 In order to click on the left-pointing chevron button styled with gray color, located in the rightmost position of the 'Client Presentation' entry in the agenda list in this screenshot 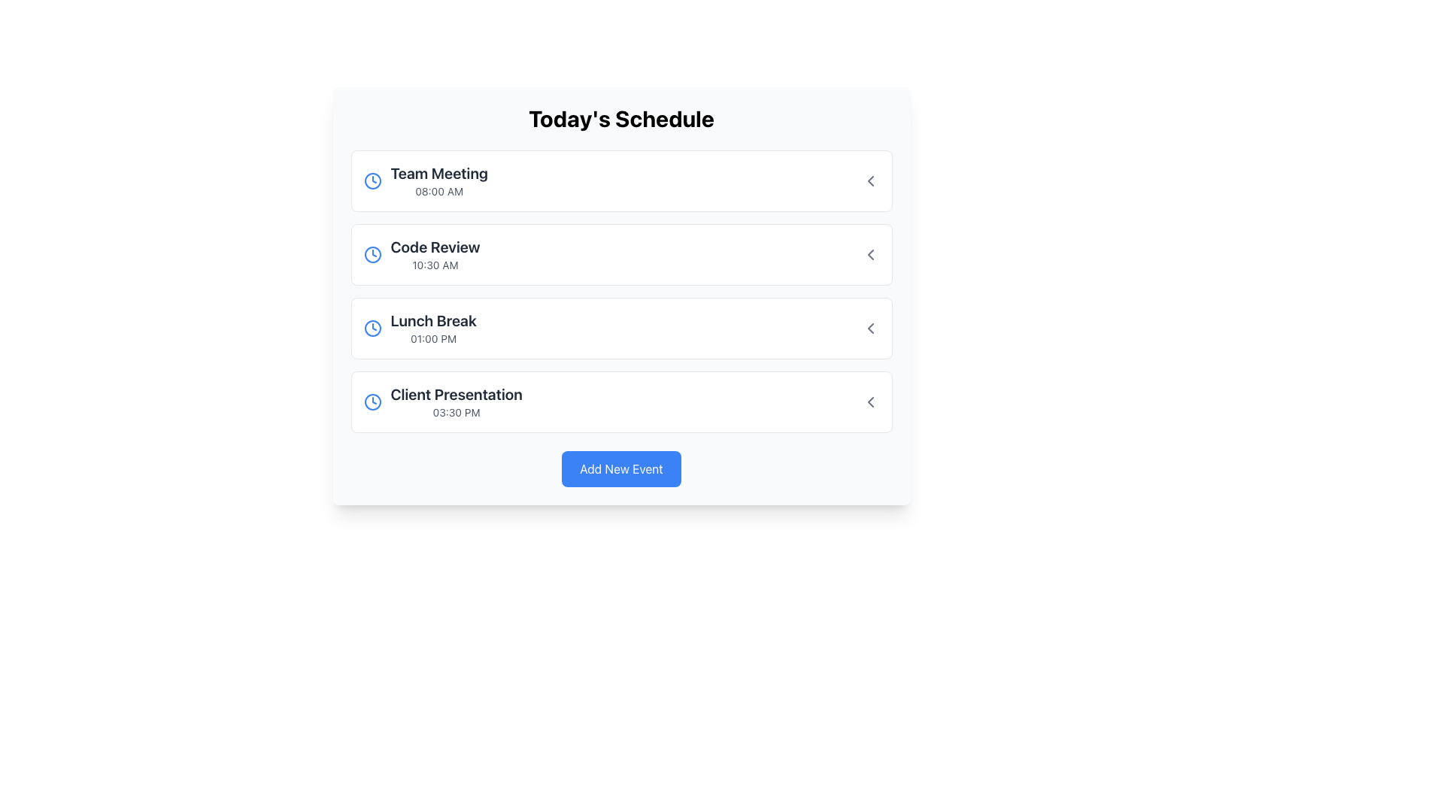, I will do `click(870, 401)`.